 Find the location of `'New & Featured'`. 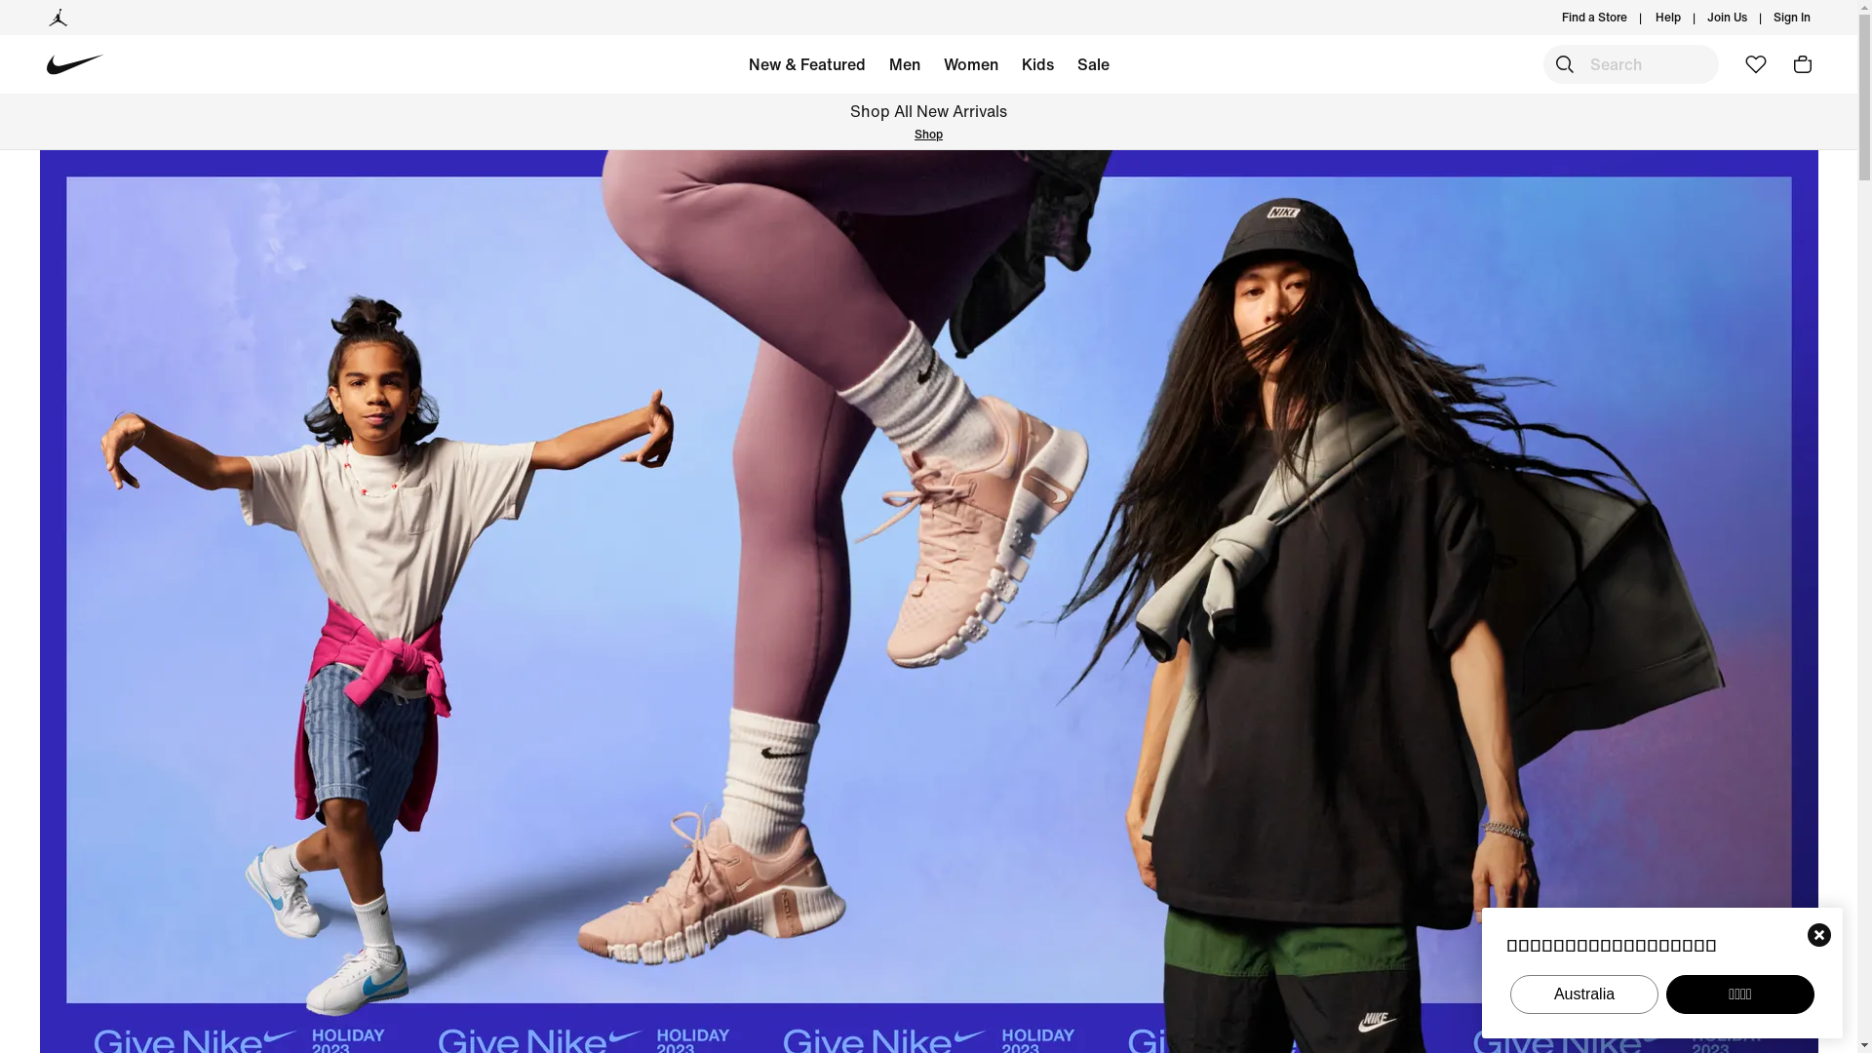

'New & Featured' is located at coordinates (807, 66).